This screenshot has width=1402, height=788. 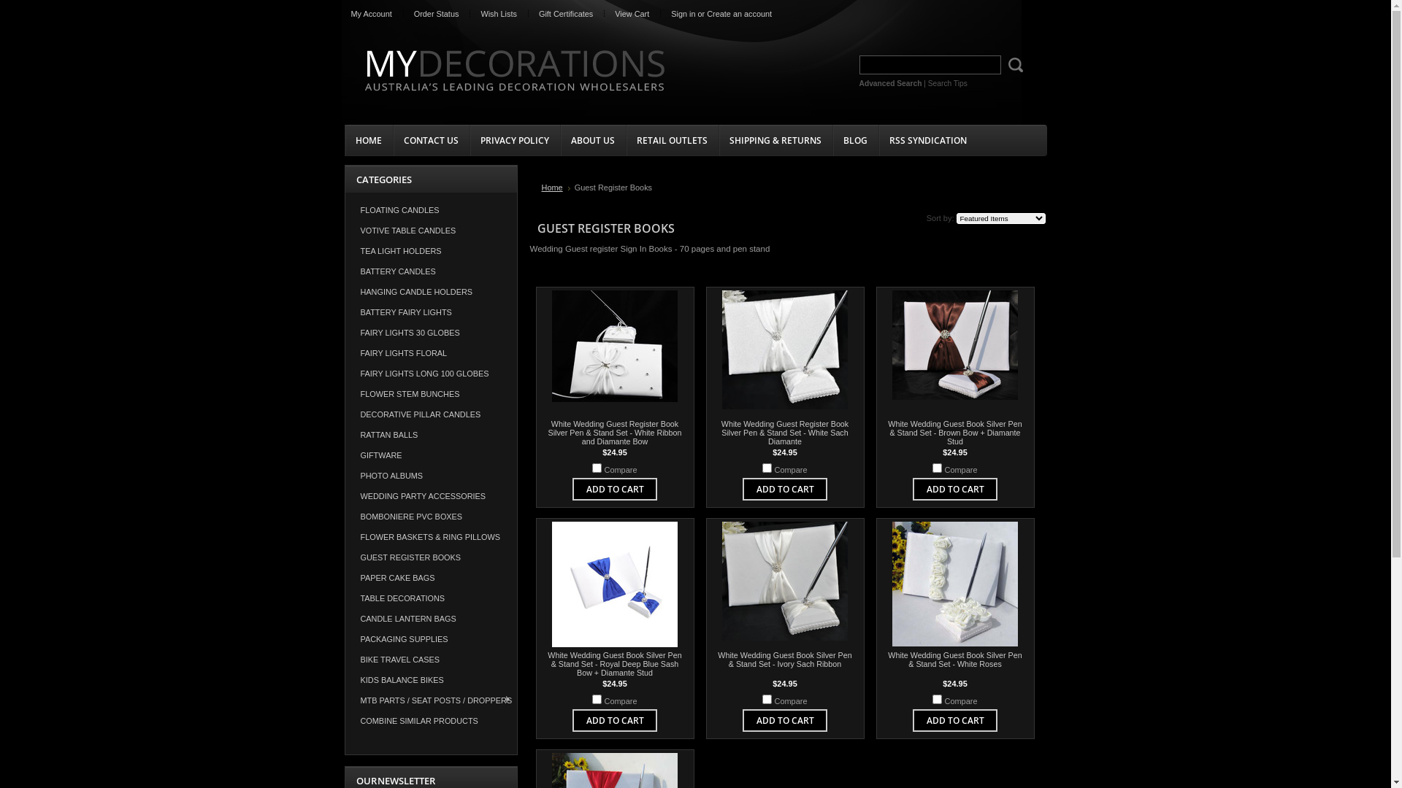 I want to click on 'RSS SYNDICATION', so click(x=927, y=140).